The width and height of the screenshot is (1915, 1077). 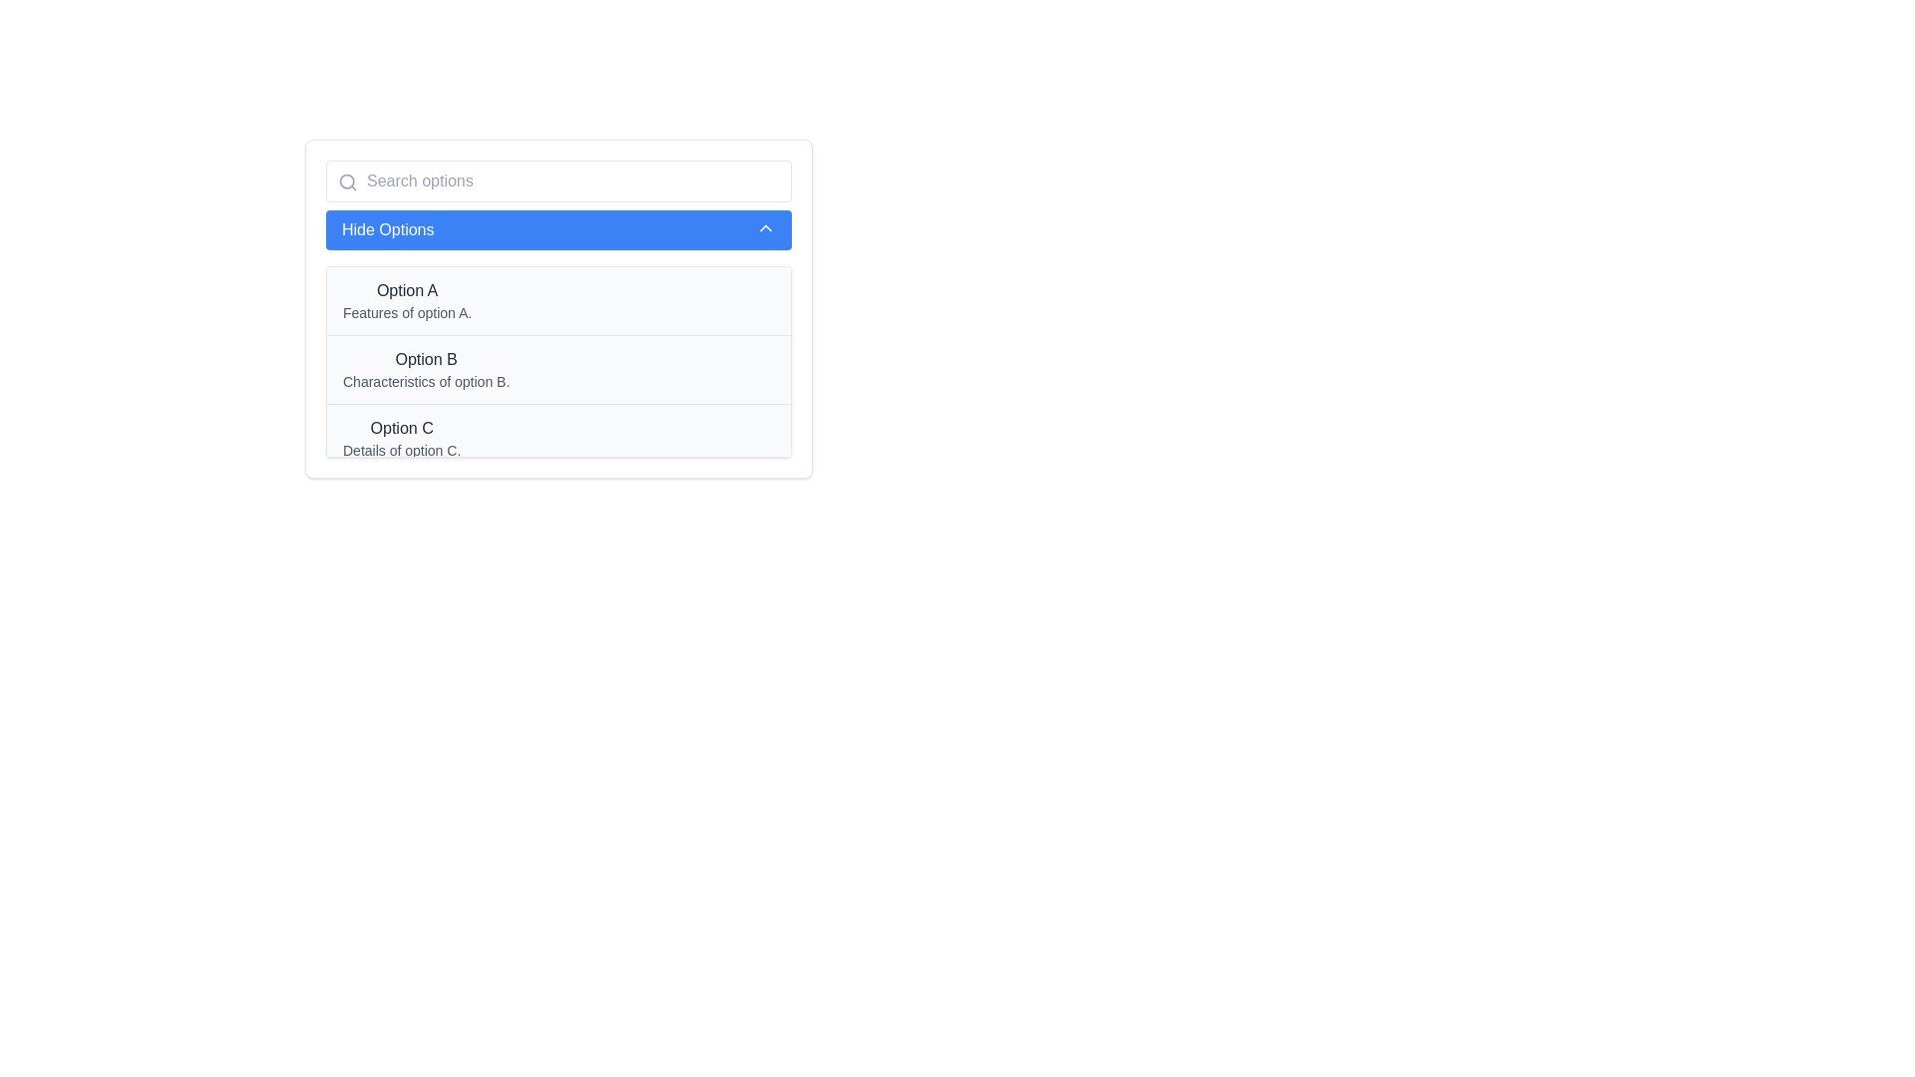 I want to click on the first list item labeled 'Option A' with the description 'Features of option A', so click(x=559, y=300).